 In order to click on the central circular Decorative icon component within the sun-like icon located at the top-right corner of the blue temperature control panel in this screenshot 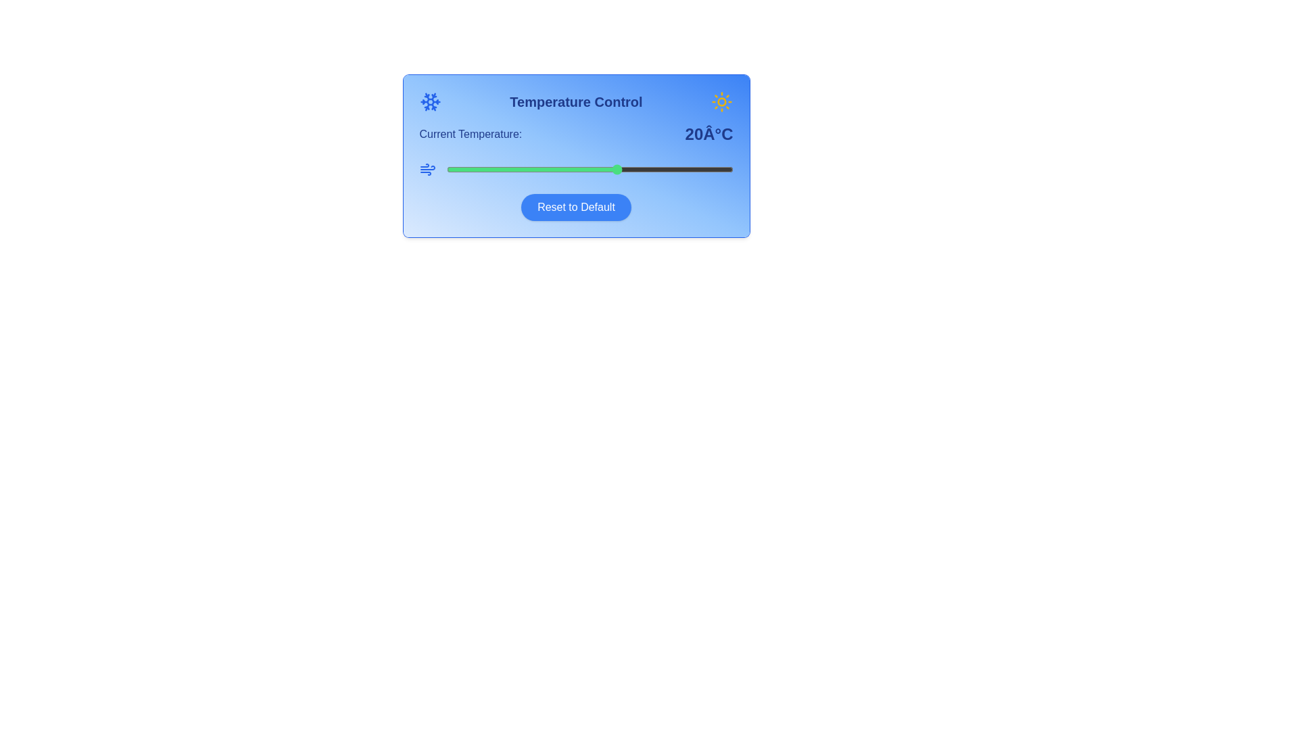, I will do `click(721, 101)`.